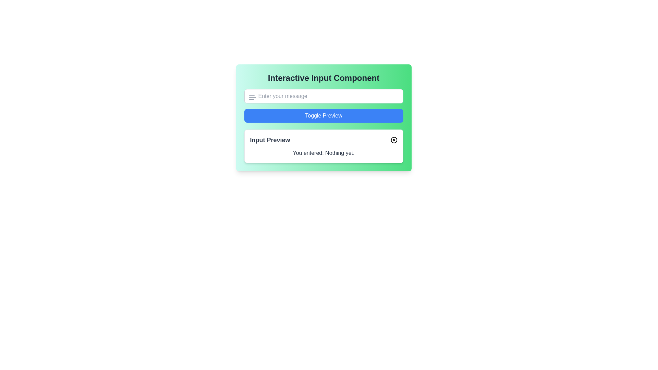 The image size is (658, 370). Describe the element at coordinates (394, 139) in the screenshot. I see `the graphical circular icon located at the top-right side of the white card in the 'Input Preview' section` at that location.